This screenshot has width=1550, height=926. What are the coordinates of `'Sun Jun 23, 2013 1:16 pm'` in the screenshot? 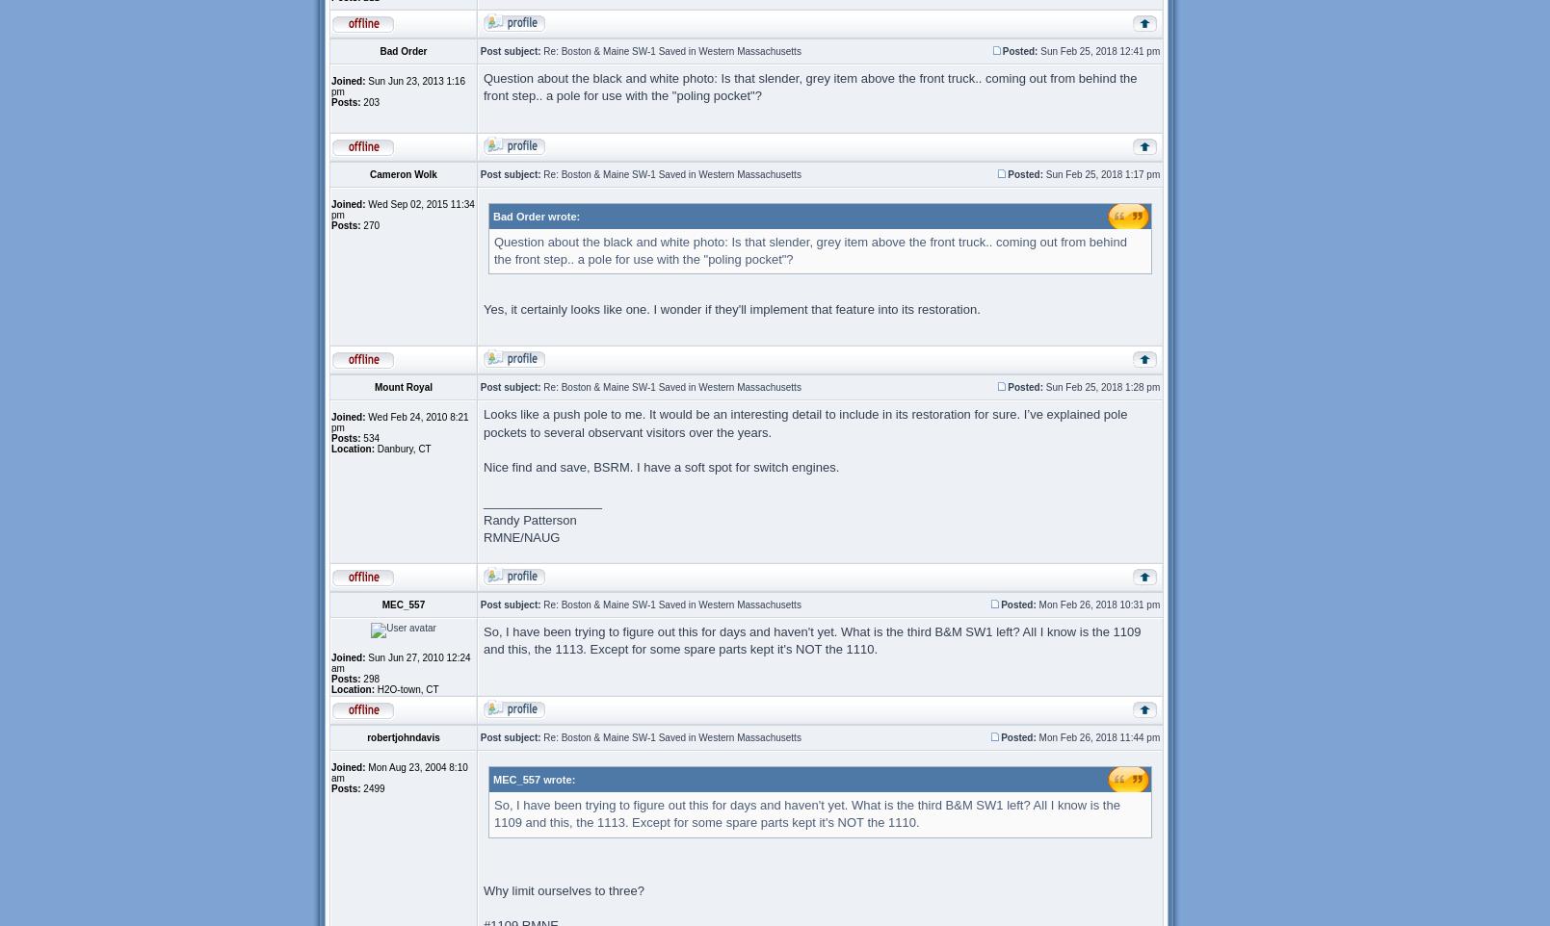 It's located at (397, 87).